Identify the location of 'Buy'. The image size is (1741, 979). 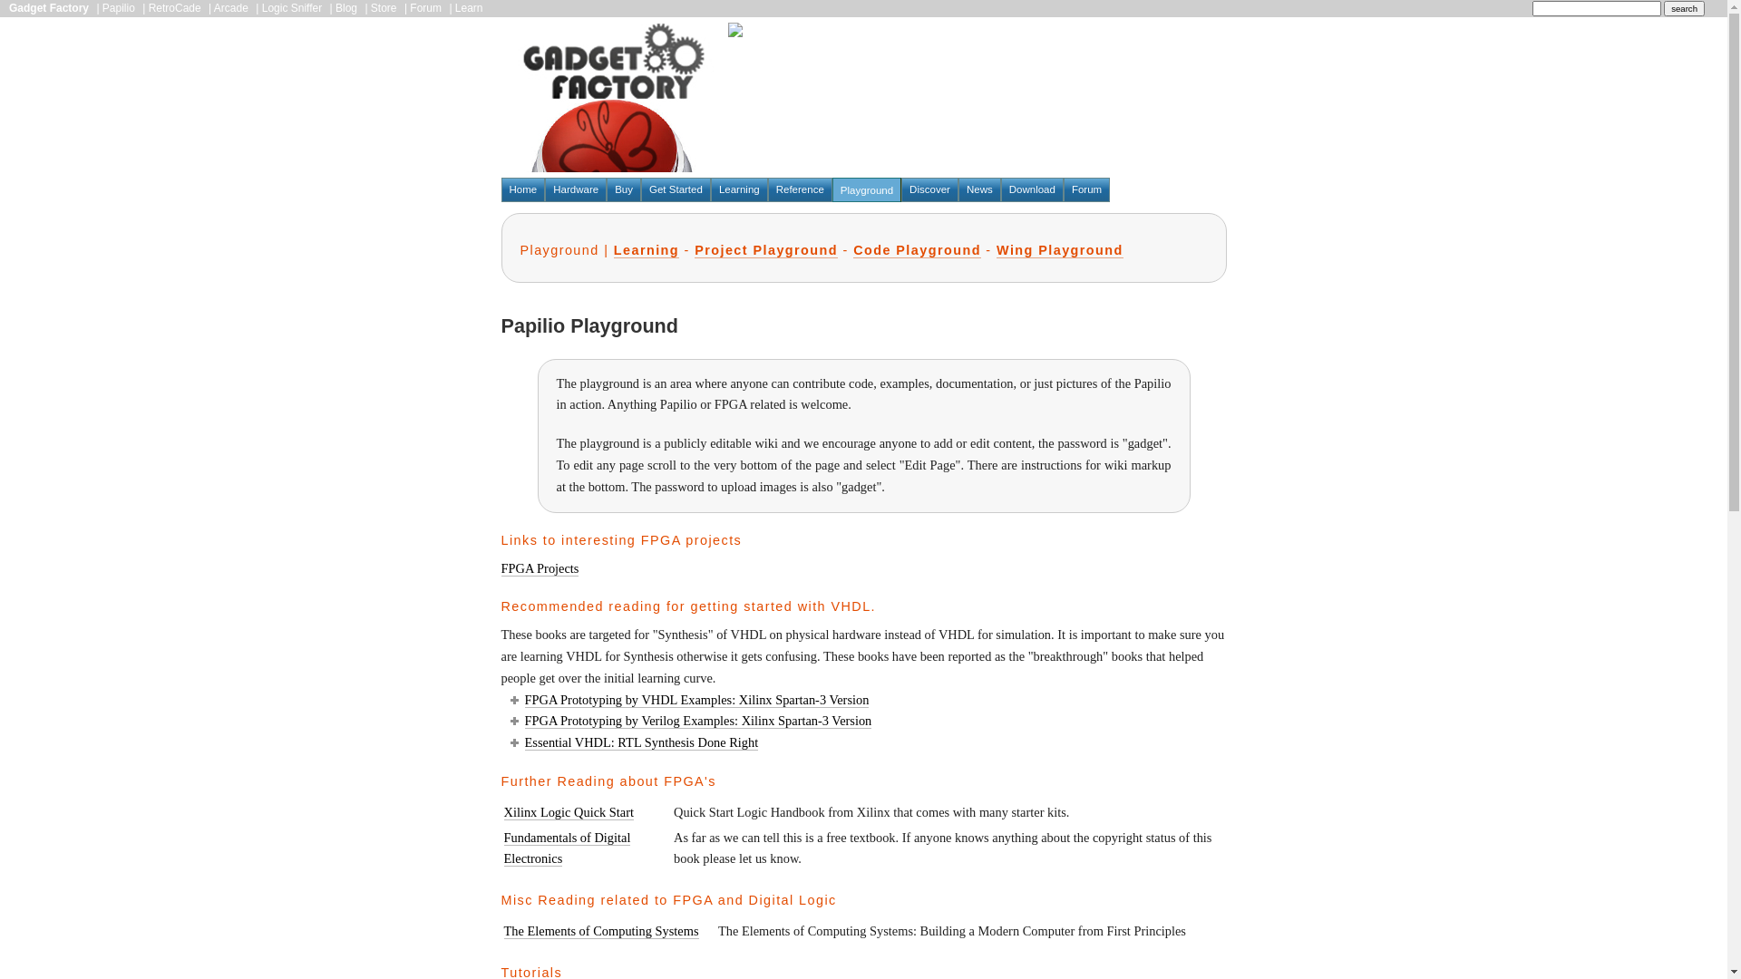
(606, 189).